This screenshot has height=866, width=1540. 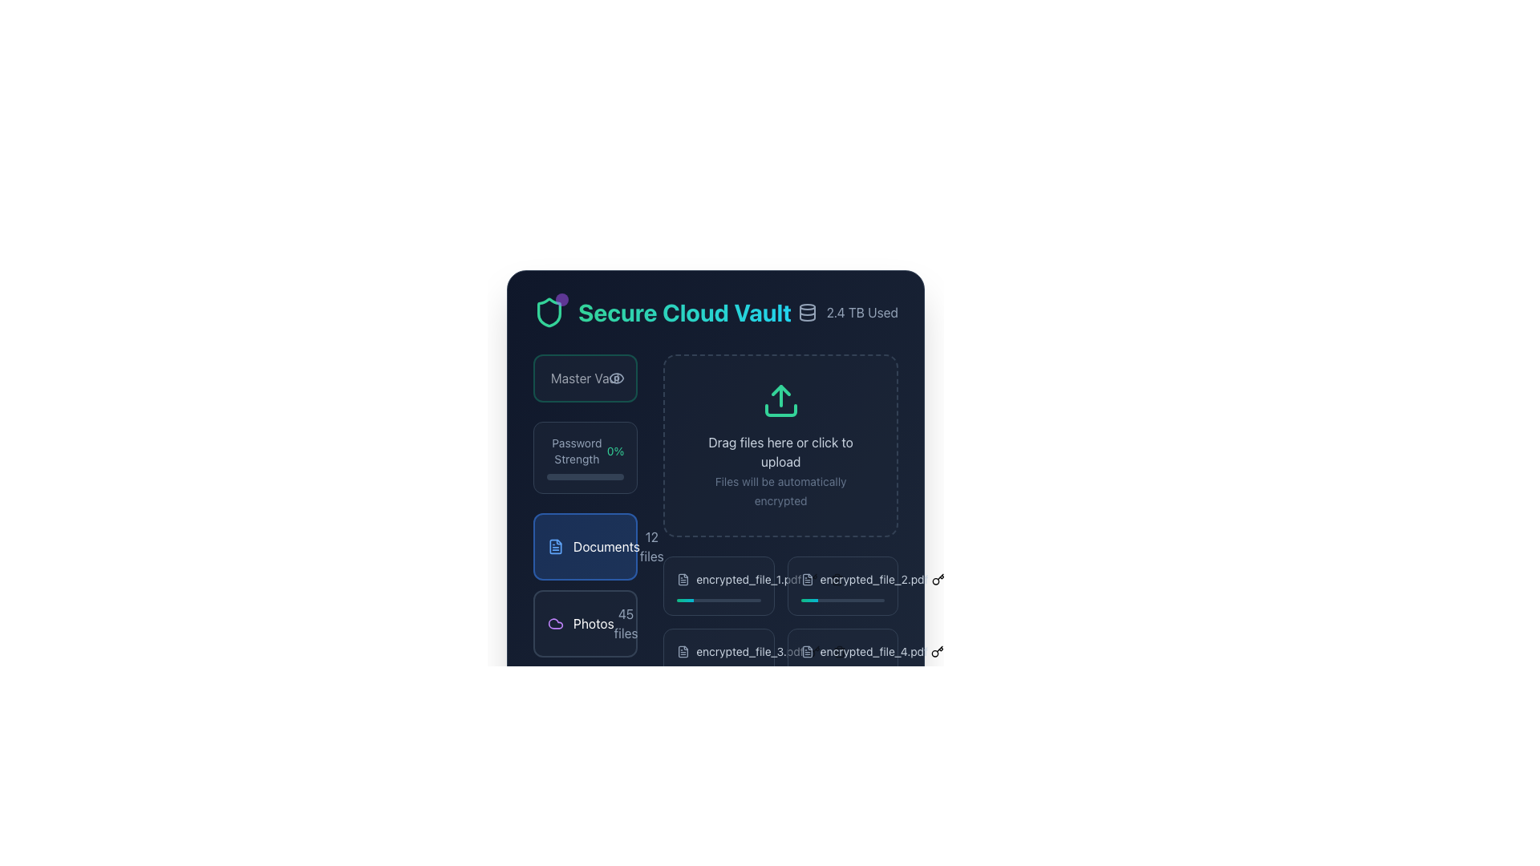 I want to click on the text label displaying the file name 'encrypted_file_2.pdf', which is located to the right of the file icon in the Documents section, so click(x=873, y=579).